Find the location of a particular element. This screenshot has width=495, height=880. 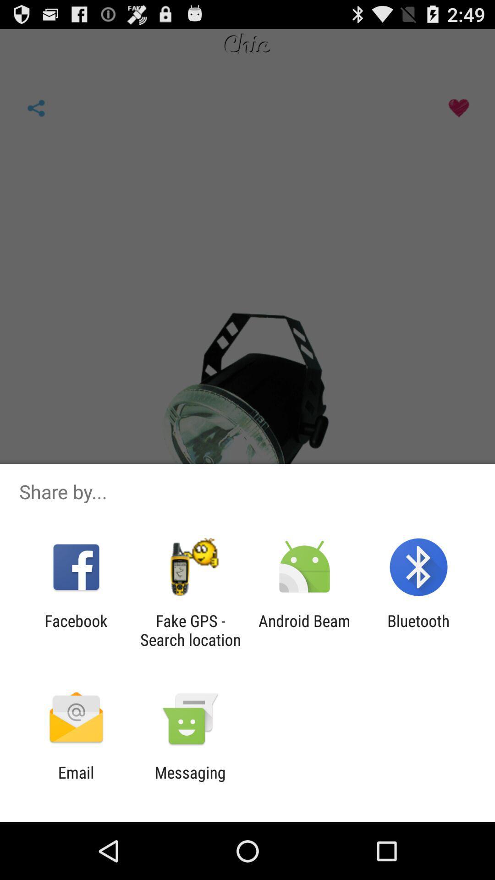

icon to the right of the android beam app is located at coordinates (418, 630).